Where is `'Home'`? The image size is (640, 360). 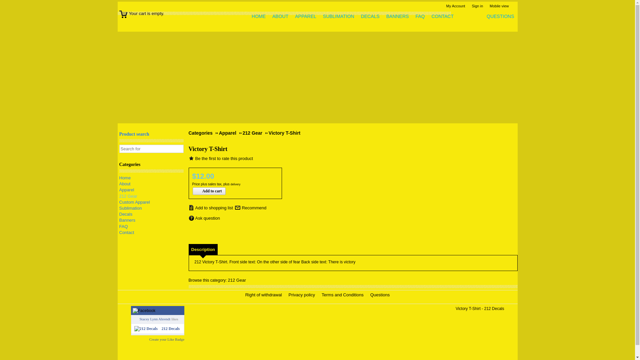 'Home' is located at coordinates (125, 177).